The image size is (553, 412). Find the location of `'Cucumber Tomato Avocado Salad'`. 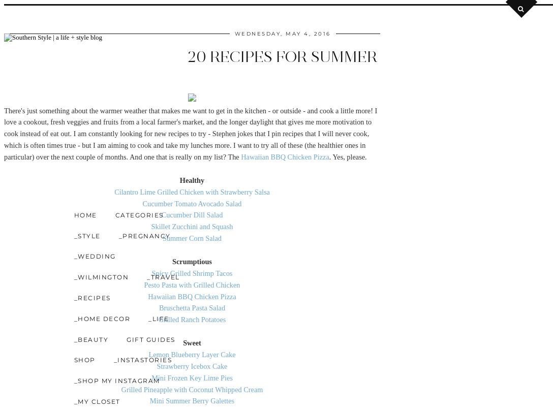

'Cucumber Tomato Avocado Salad' is located at coordinates (192, 203).